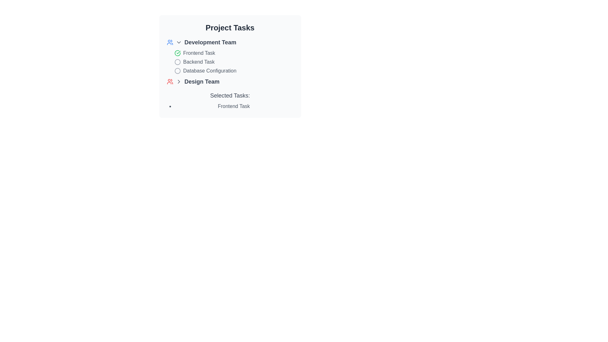  What do you see at coordinates (210, 71) in the screenshot?
I see `the Text Label that identifies a task related to database configuration, located as the third item under 'Development Team' in the sublist` at bounding box center [210, 71].